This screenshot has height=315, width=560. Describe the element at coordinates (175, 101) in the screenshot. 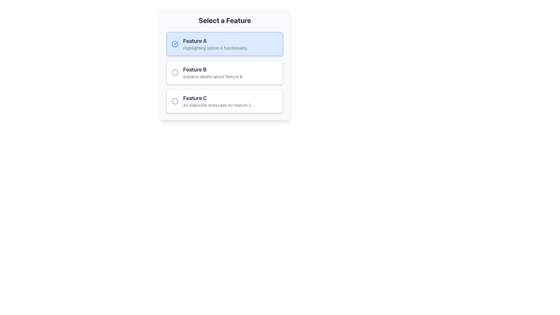

I see `the circular marker indicating the selection of 'Feature C' located to the left of the third text label in the list` at that location.